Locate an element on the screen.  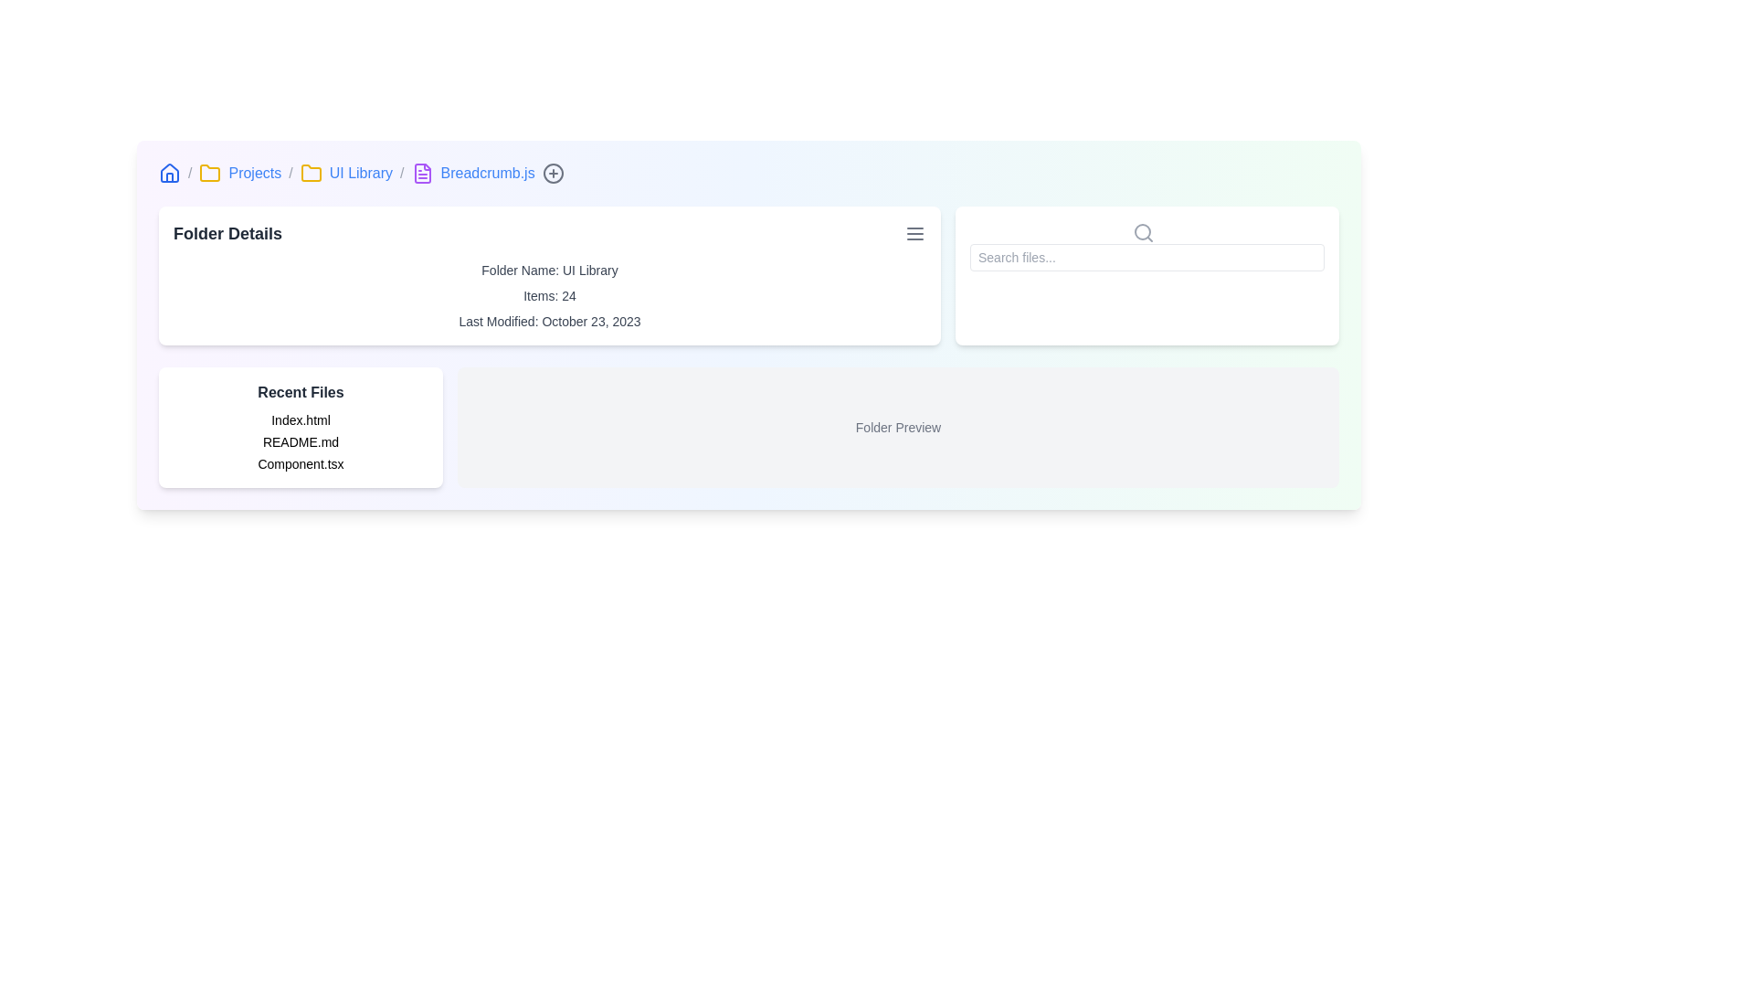
the folder icon in the breadcrumb navigation is located at coordinates (311, 173).